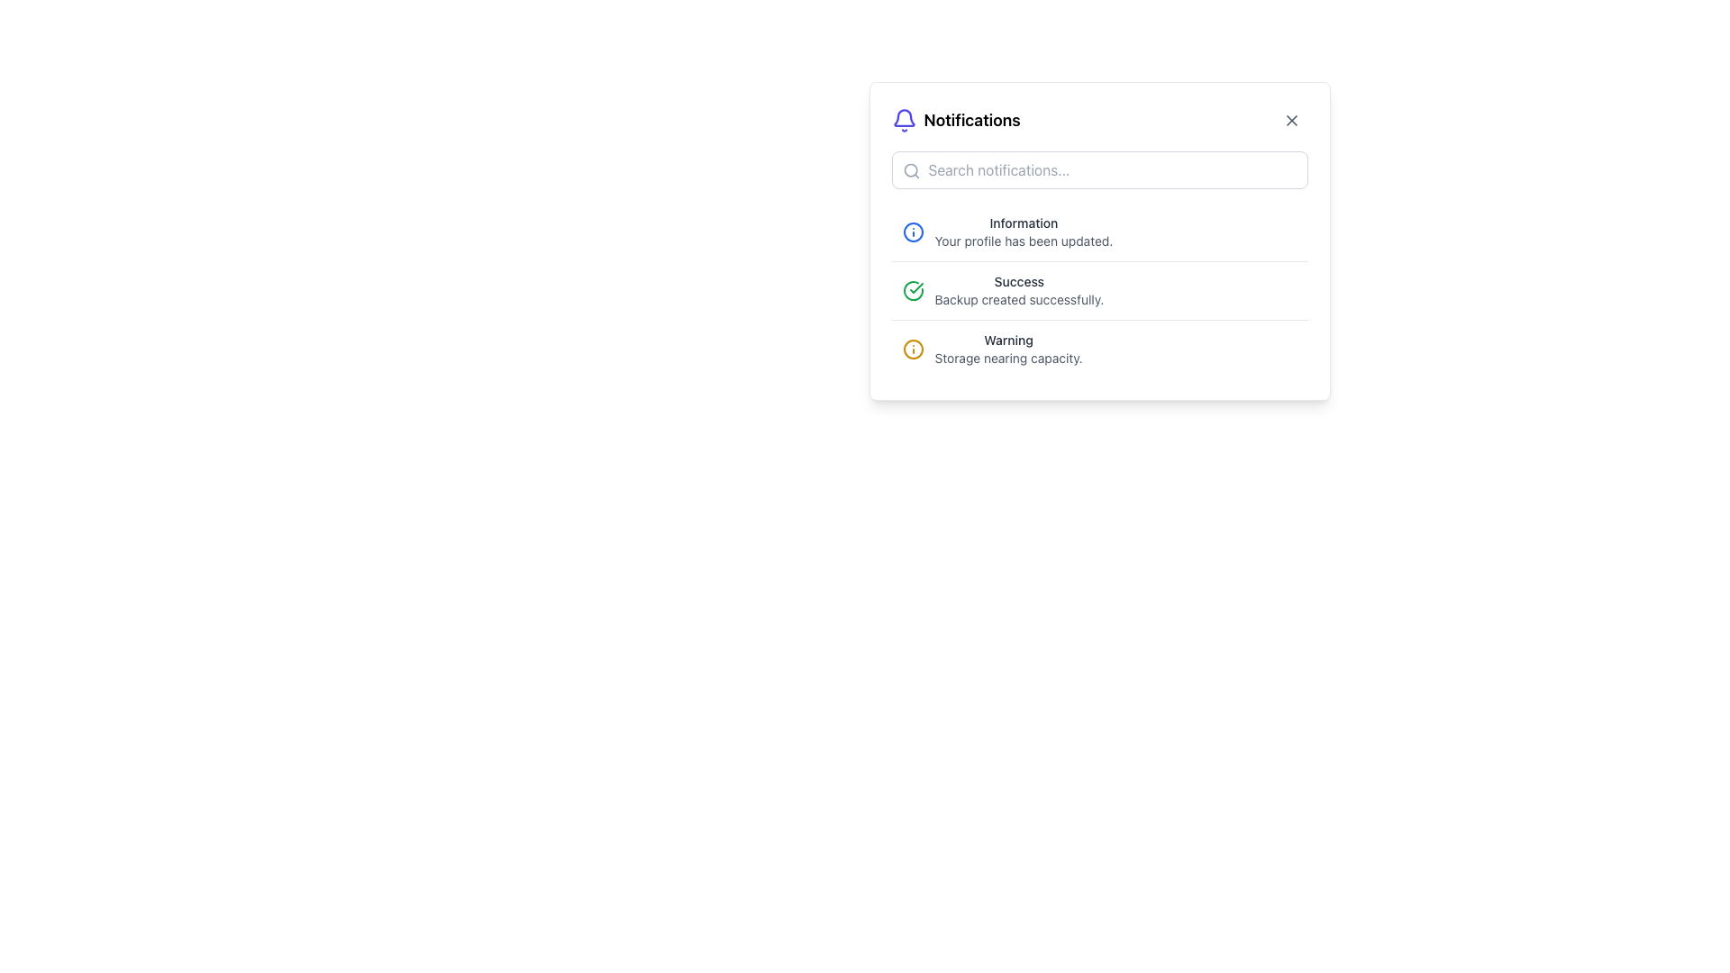  Describe the element at coordinates (1019, 281) in the screenshot. I see `text 'Success' displayed in grayish tone located in the notification section above the description 'Backup created successfully'` at that location.